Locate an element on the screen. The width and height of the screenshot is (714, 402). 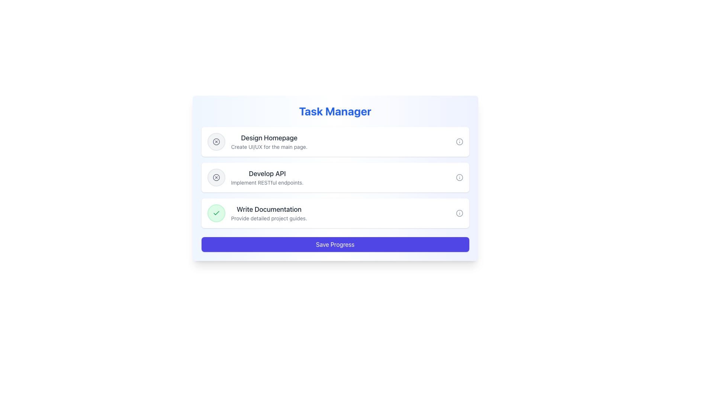
the cancellation icon button located to the left of the 'Design Homepage' text in the first task item is located at coordinates (216, 178).